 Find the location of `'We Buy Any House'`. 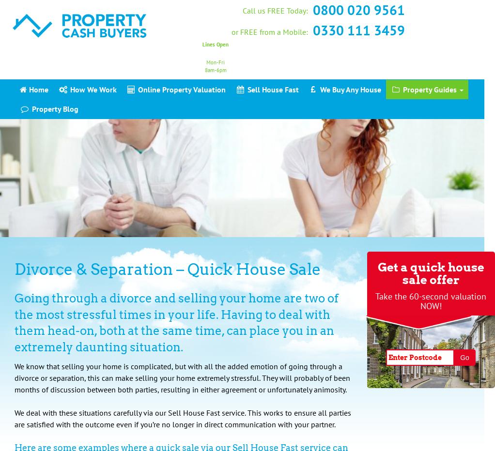

'We Buy Any House' is located at coordinates (318, 89).